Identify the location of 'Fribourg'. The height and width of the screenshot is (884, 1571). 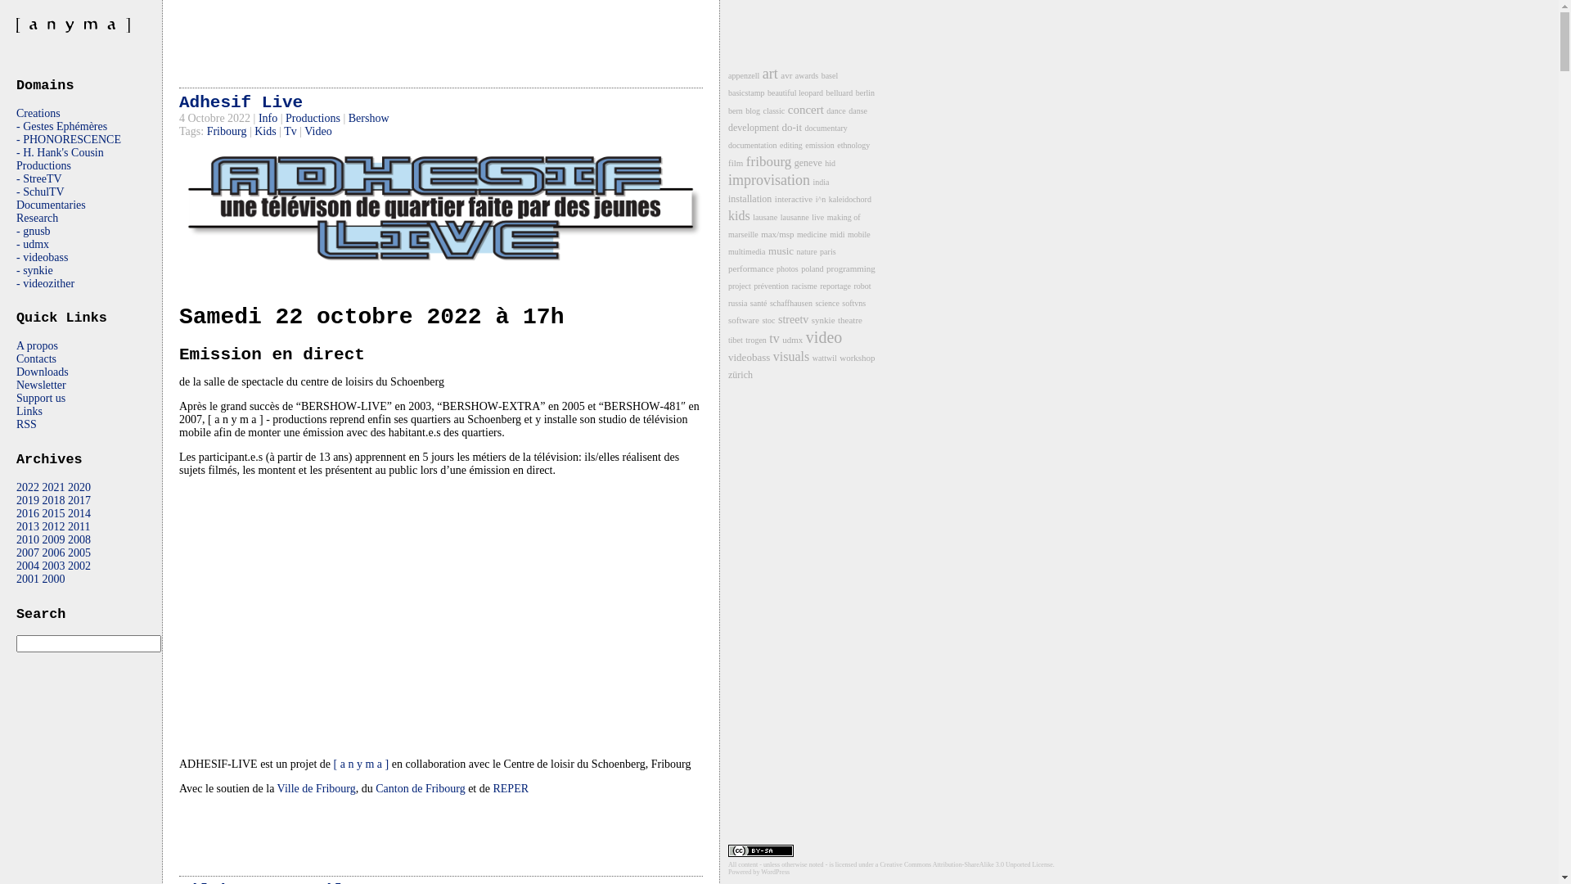
(206, 130).